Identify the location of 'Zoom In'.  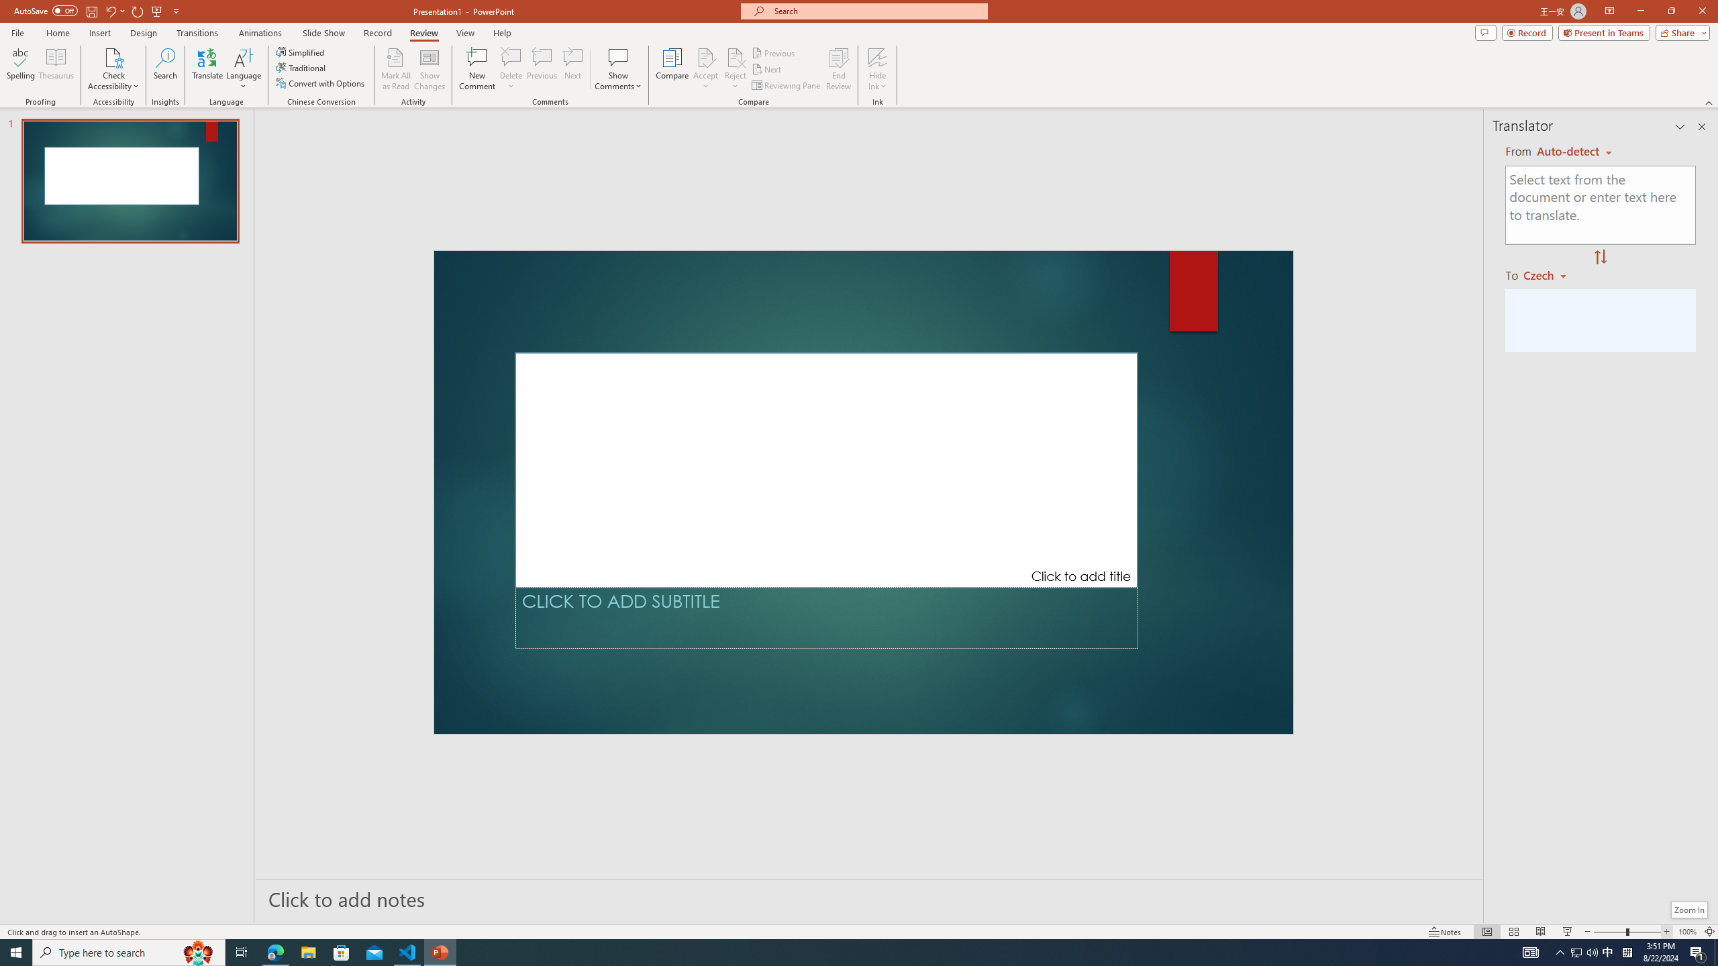
(1688, 909).